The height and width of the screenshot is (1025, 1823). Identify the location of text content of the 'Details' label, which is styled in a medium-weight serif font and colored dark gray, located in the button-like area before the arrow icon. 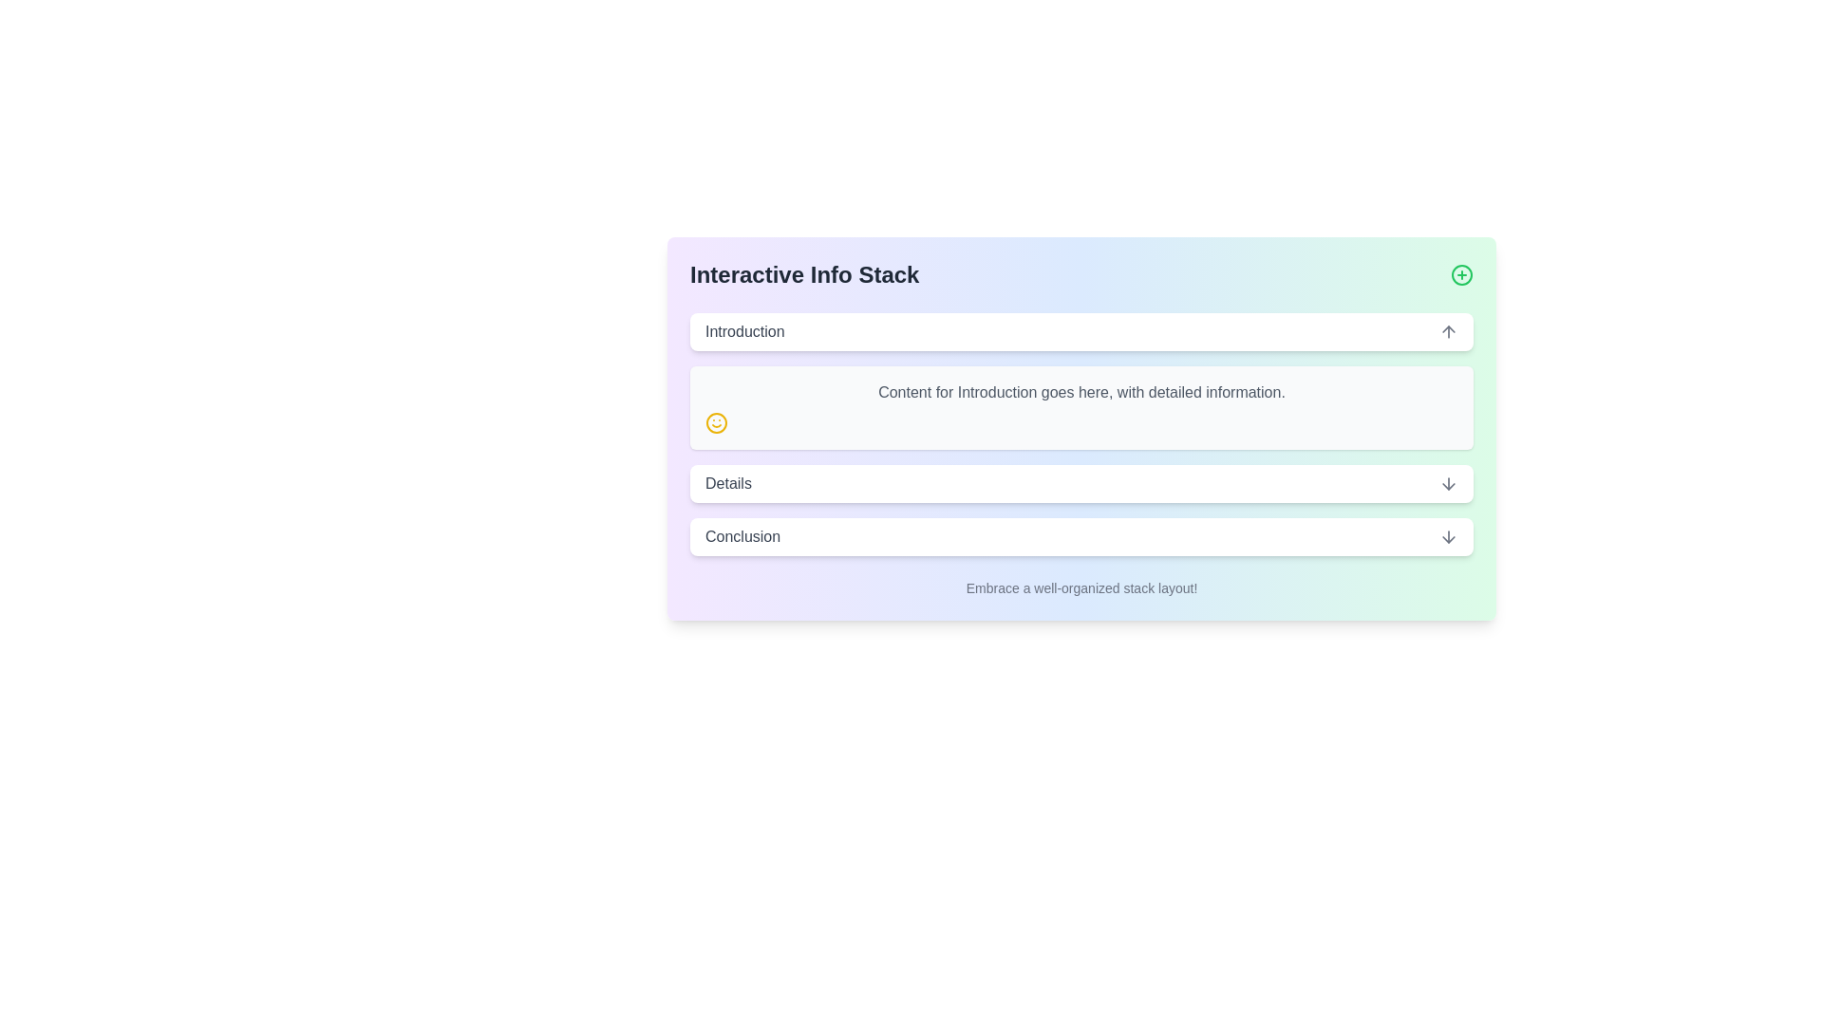
(727, 482).